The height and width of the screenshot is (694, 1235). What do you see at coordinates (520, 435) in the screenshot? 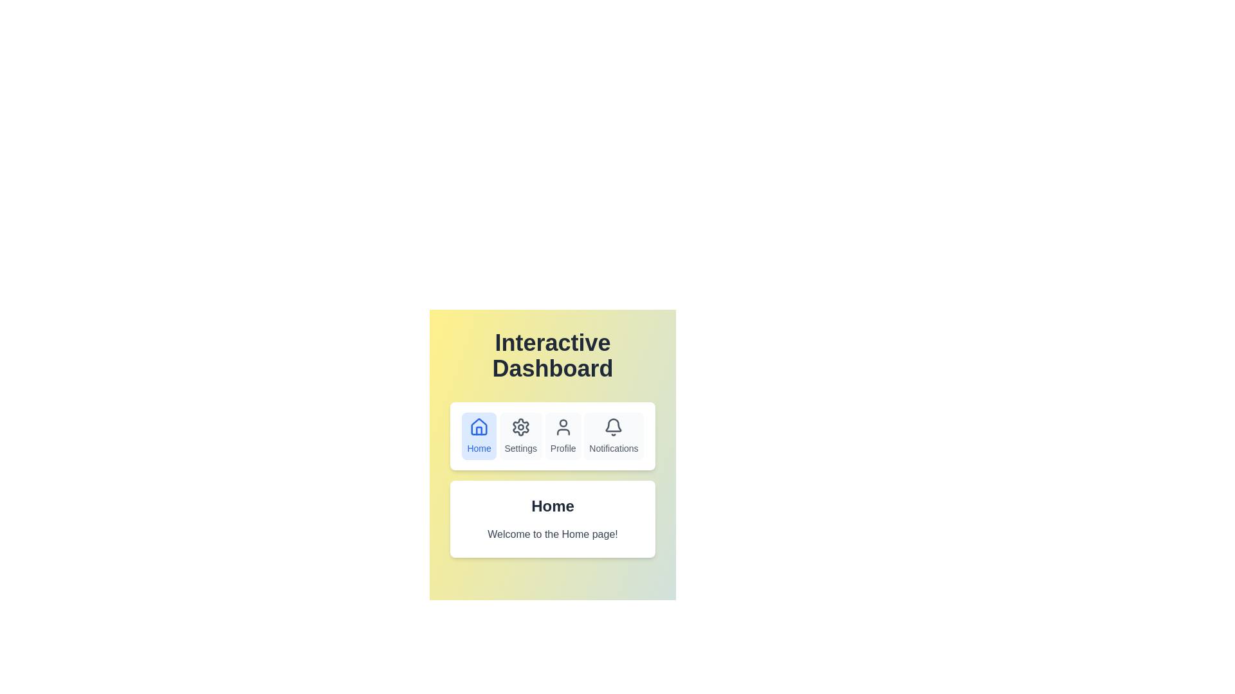
I see `the Settings tab in the navigation bar` at bounding box center [520, 435].